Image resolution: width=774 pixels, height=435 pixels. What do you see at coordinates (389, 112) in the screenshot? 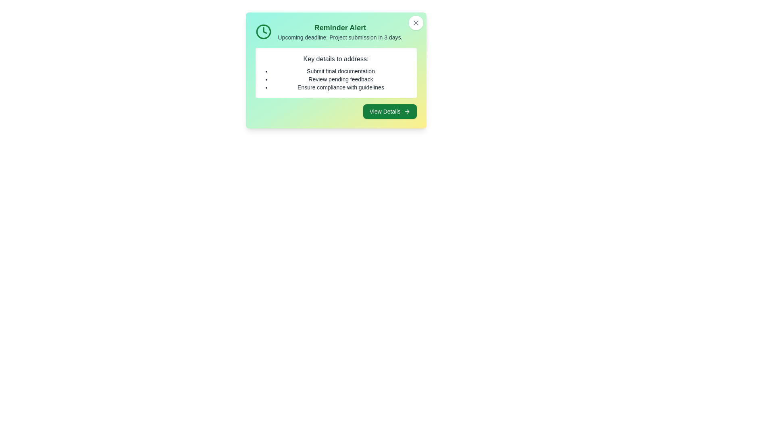
I see `the 'View Details' button to view more information about the notification` at bounding box center [389, 112].